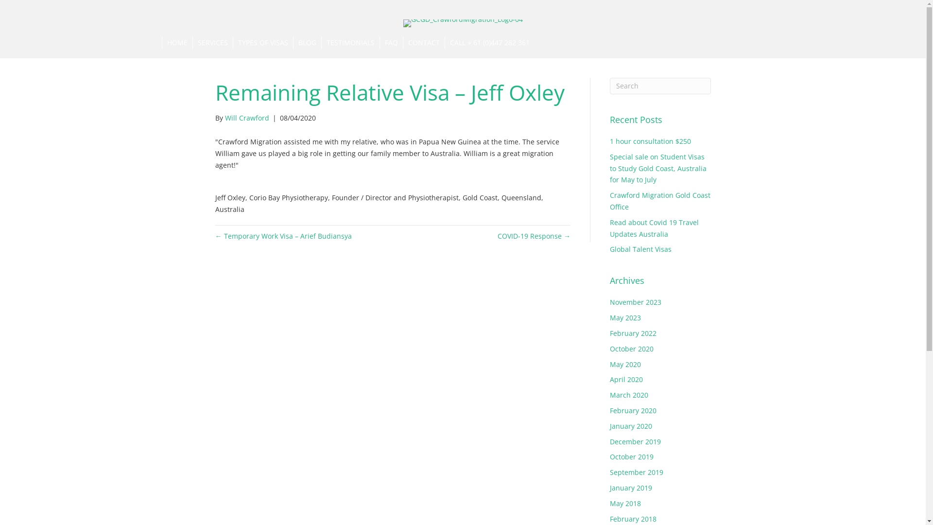 The width and height of the screenshot is (933, 525). Describe the element at coordinates (626, 379) in the screenshot. I see `'April 2020'` at that location.